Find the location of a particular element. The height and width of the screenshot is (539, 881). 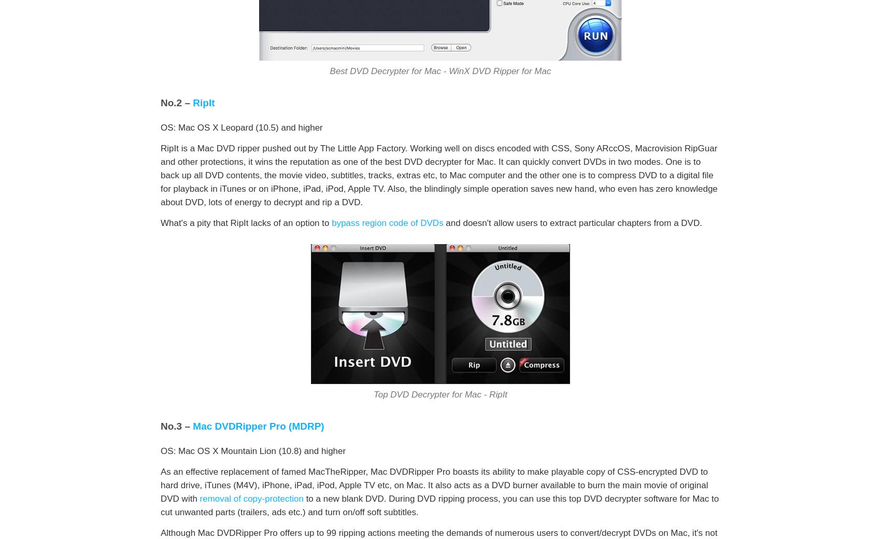

'Best DVD Decrypter for Mac - WinX DVD Ripper for Mac' is located at coordinates (439, 71).